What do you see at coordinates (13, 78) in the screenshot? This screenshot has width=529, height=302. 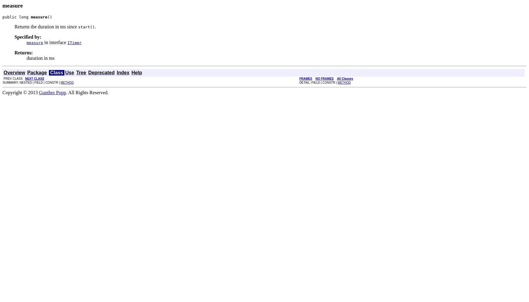 I see `'PREV CLASS'` at bounding box center [13, 78].